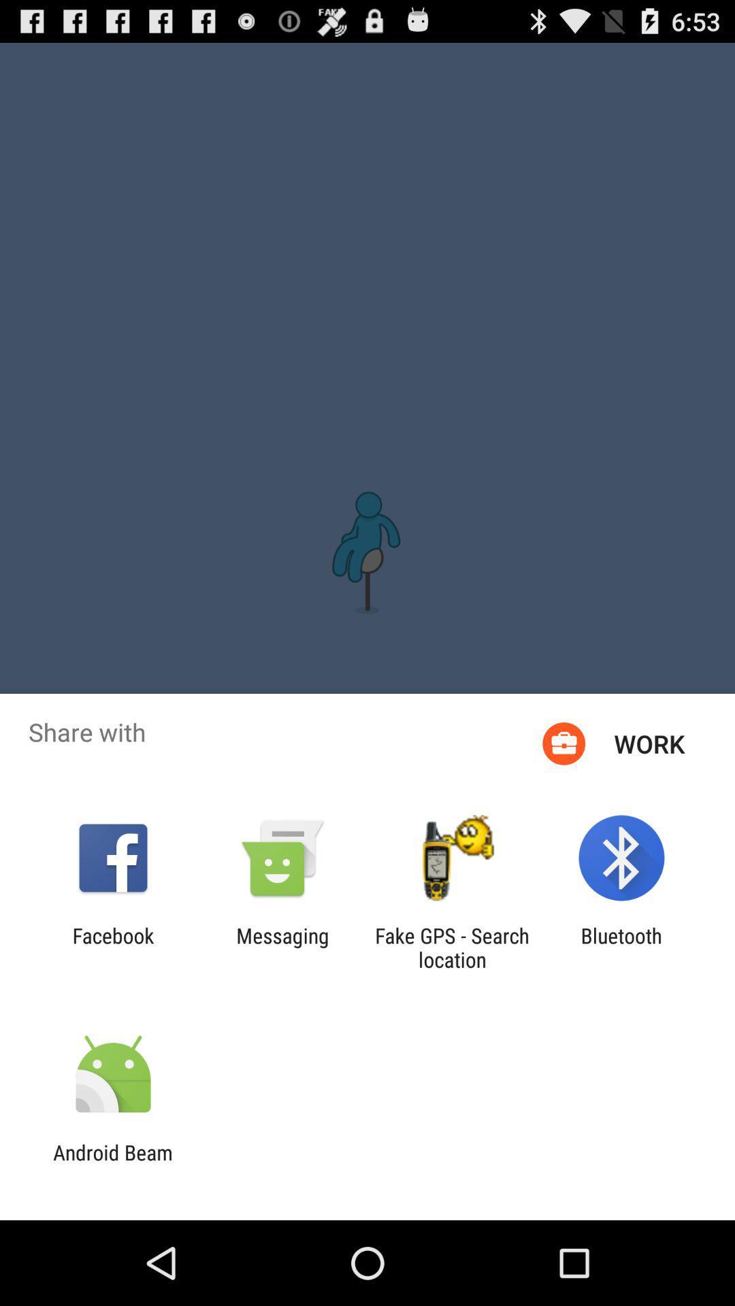  I want to click on bluetooth app, so click(621, 947).